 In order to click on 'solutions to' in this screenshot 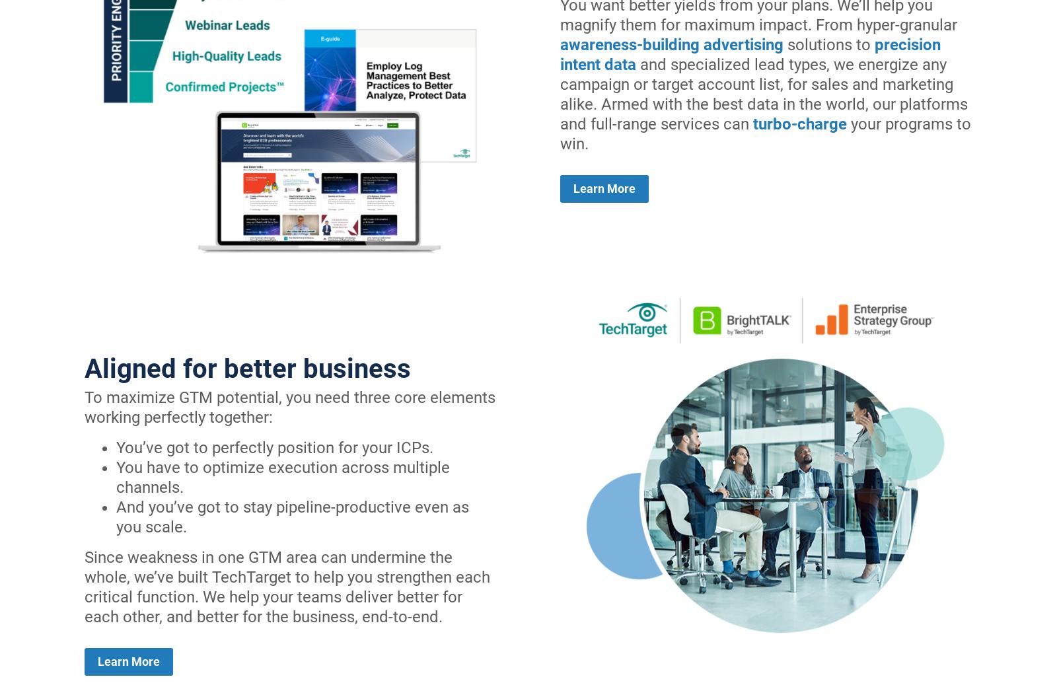, I will do `click(828, 43)`.